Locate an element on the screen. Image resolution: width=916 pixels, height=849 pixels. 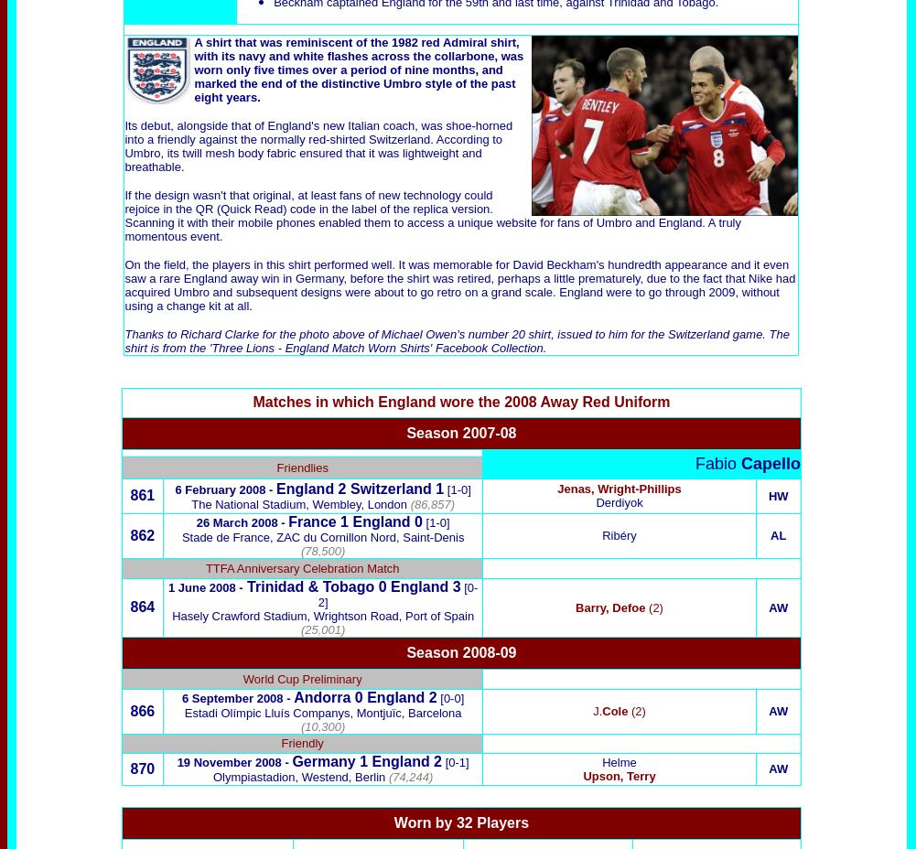
'[0-1]' is located at coordinates (456, 762).